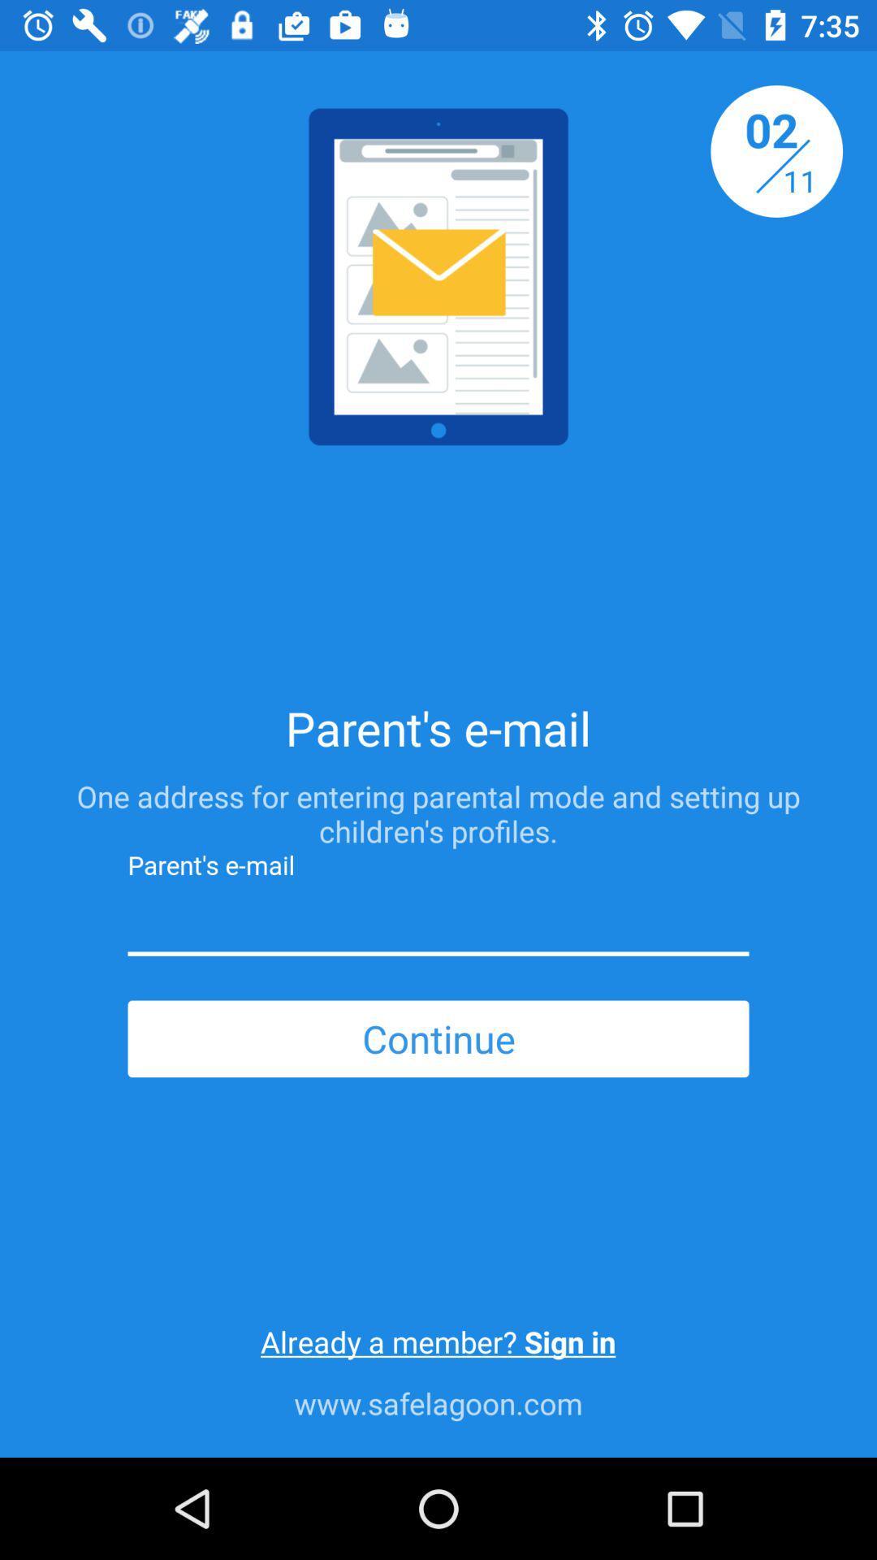  Describe the element at coordinates (438, 922) in the screenshot. I see `type your e-mail` at that location.